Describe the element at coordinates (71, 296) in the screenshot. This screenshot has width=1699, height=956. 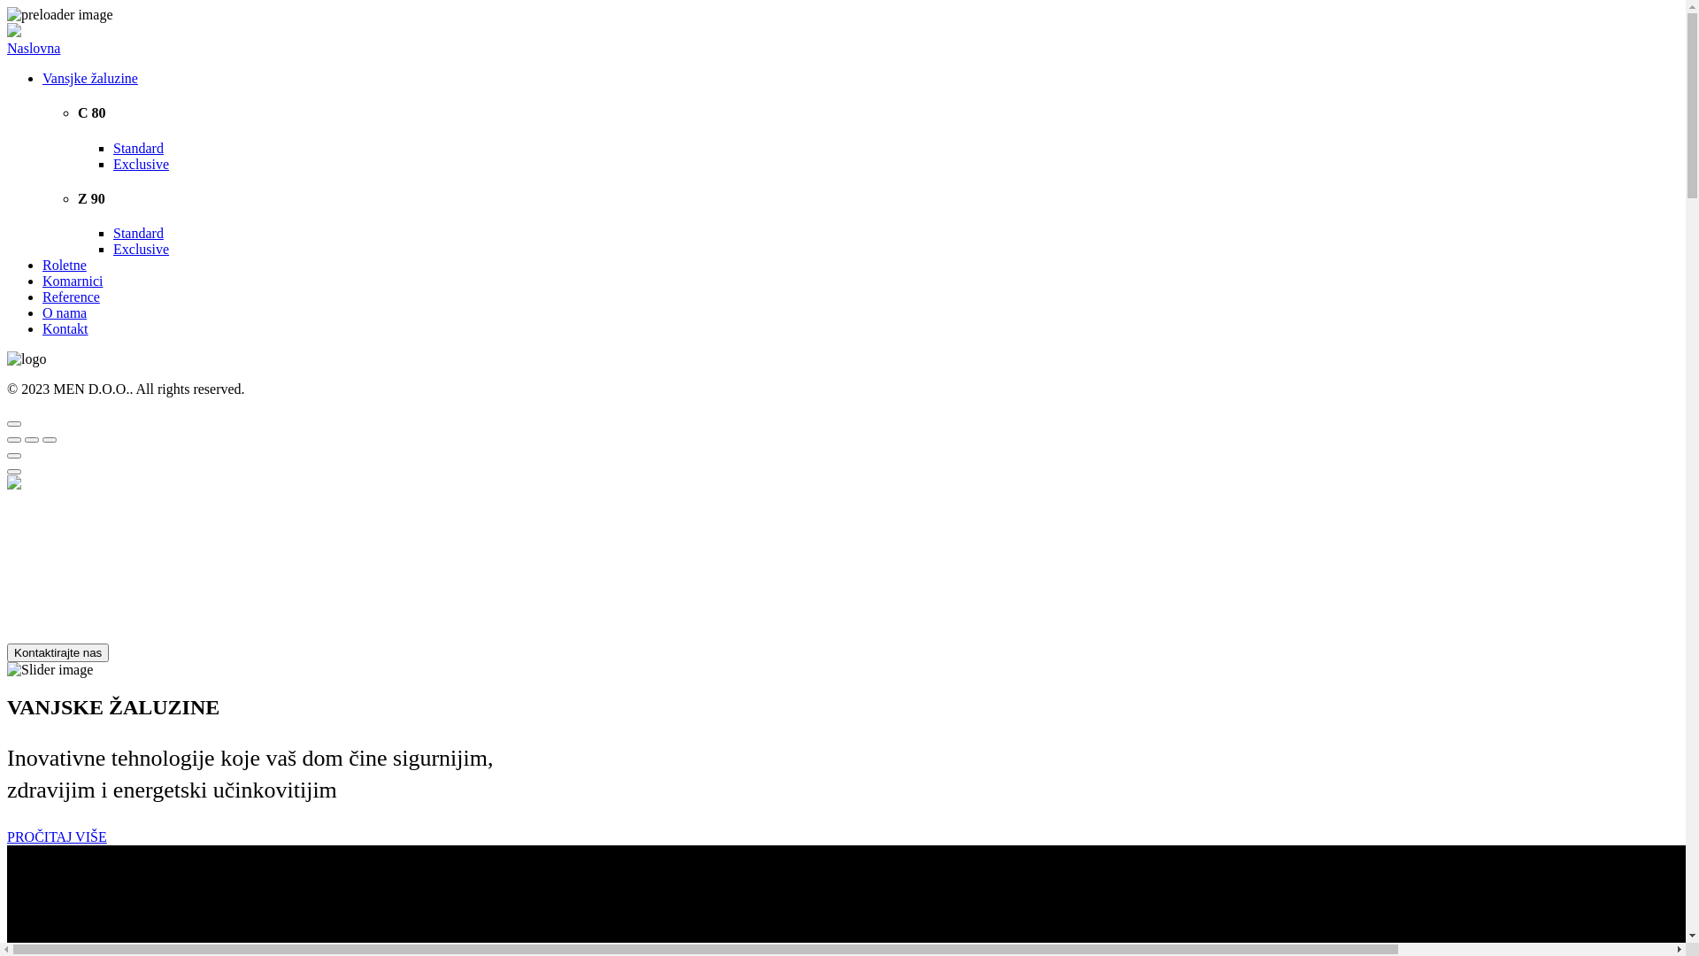
I see `'Reference'` at that location.